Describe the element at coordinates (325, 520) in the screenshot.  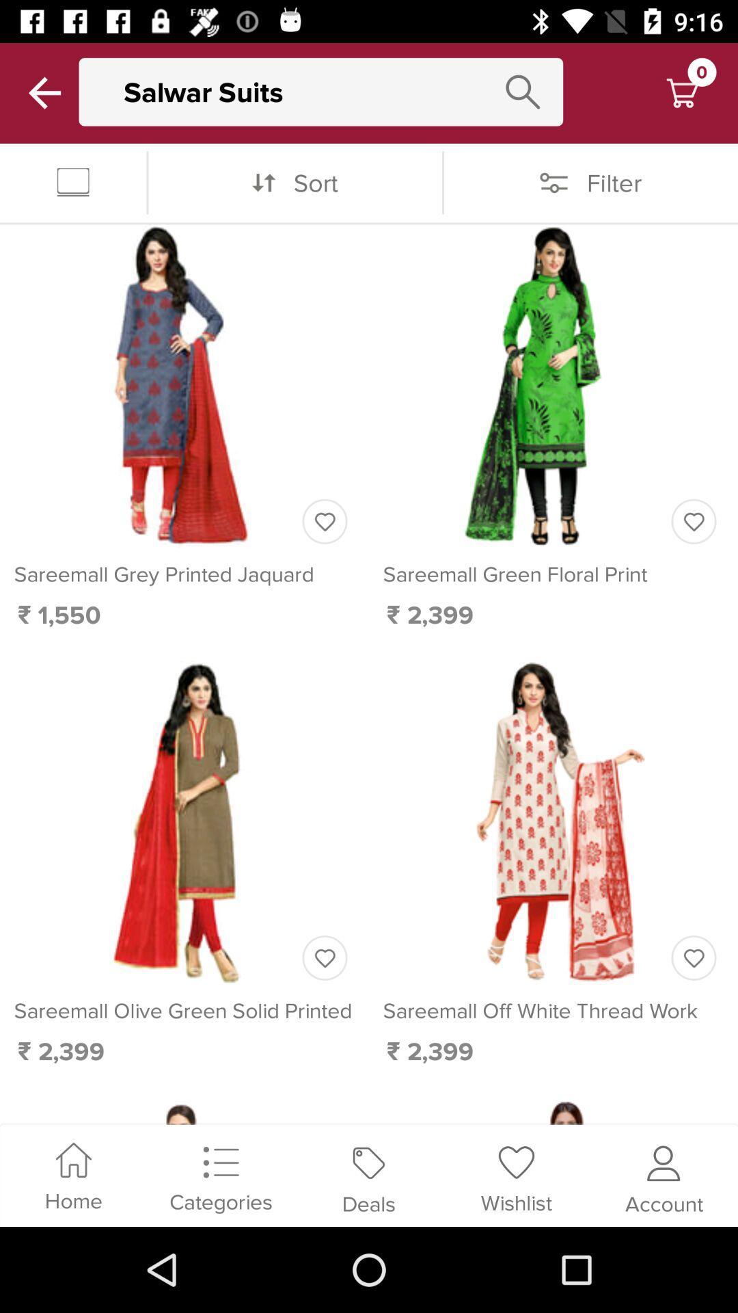
I see `love item` at that location.